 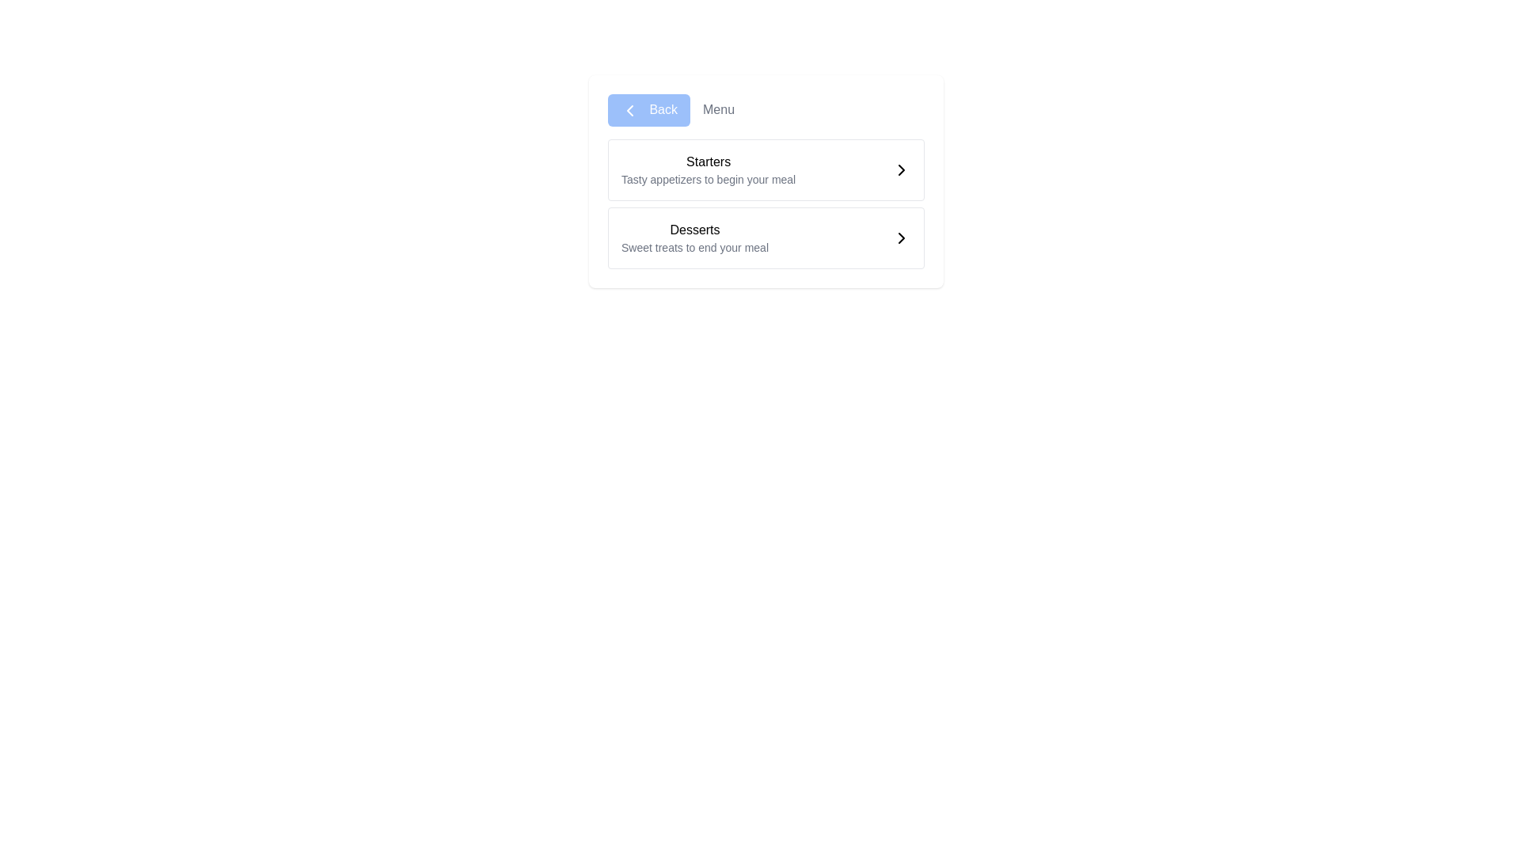 What do you see at coordinates (766, 169) in the screenshot?
I see `the 'Starters' menu option, which is the first item in the list containing a bolded heading and a right-pointing arrow icon` at bounding box center [766, 169].